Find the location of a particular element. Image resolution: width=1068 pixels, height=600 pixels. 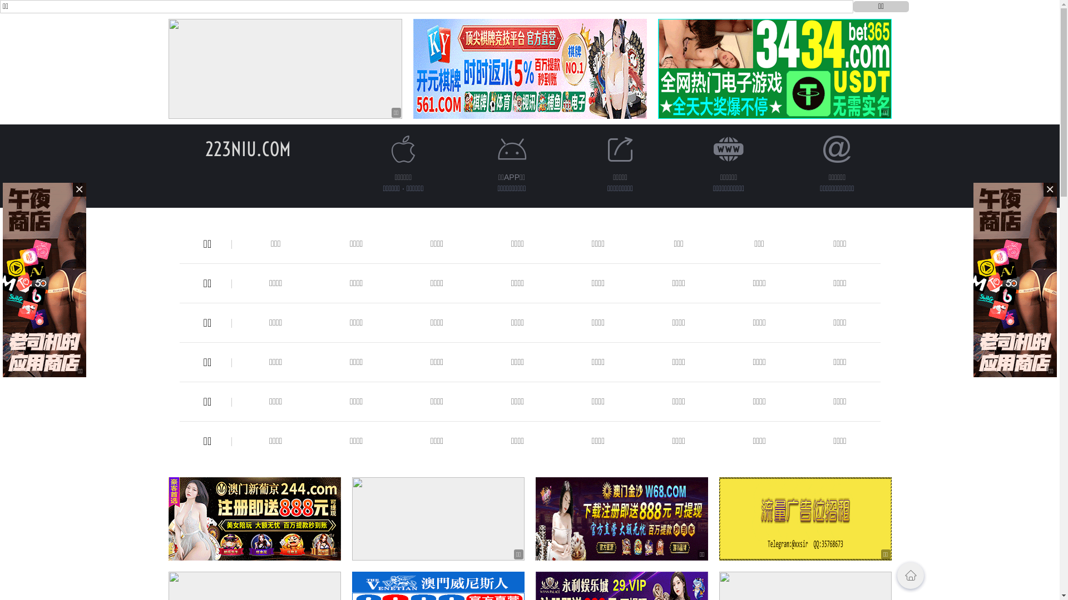

'223NIU.COM' is located at coordinates (247, 148).